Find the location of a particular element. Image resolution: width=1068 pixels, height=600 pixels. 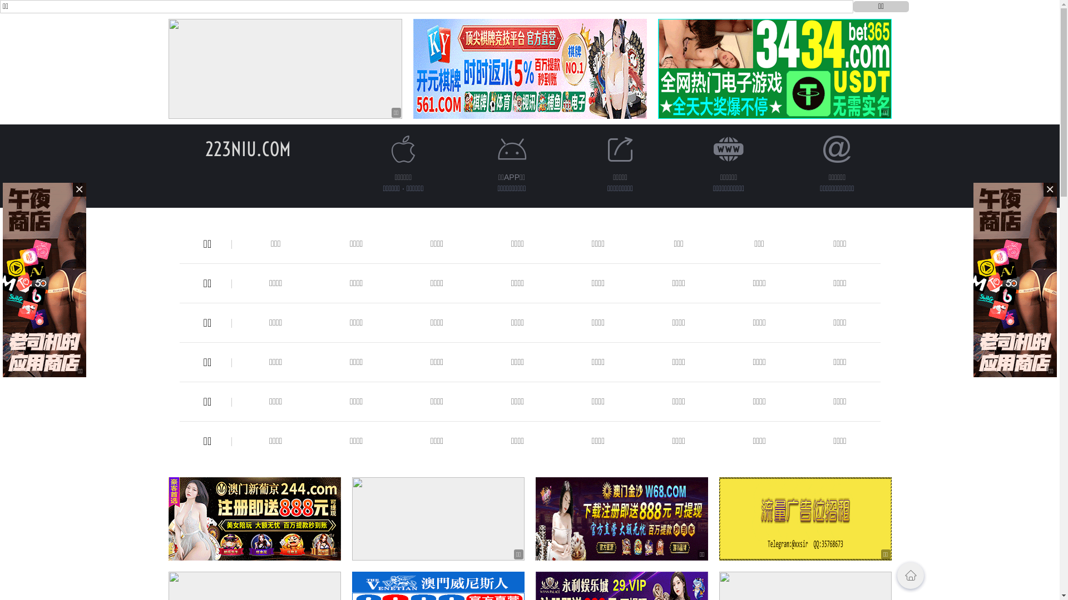

'223NIU.COM' is located at coordinates (247, 148).